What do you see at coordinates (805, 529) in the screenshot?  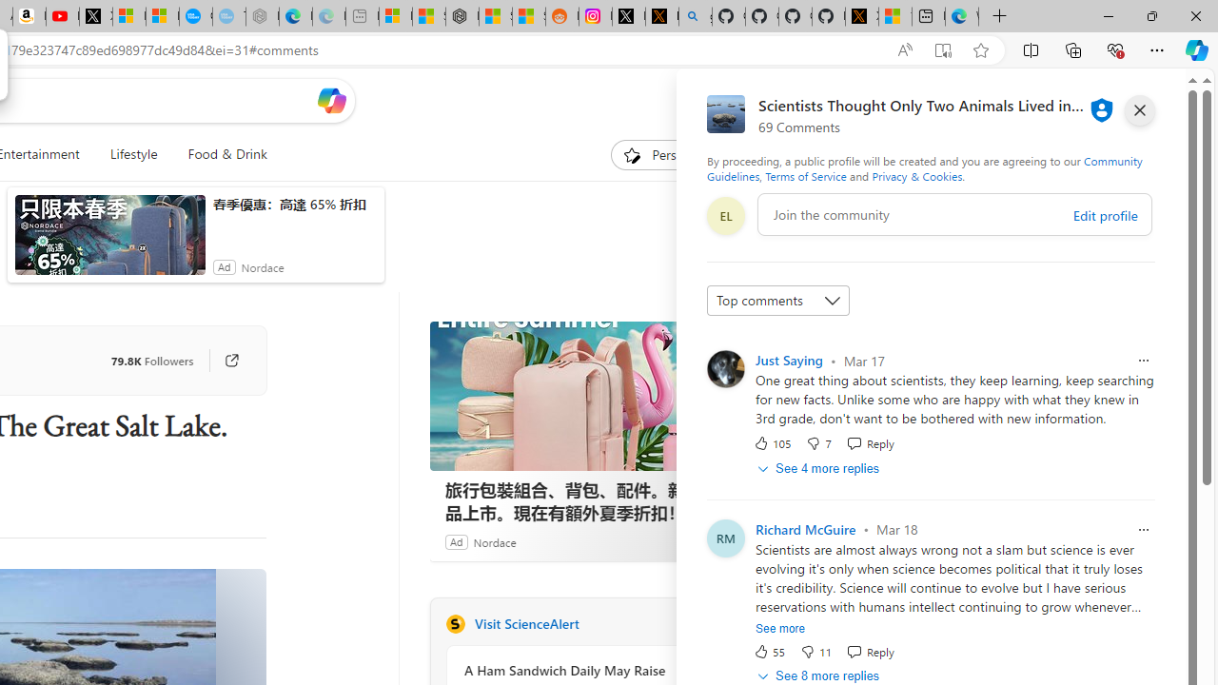 I see `'Richard McGuire'` at bounding box center [805, 529].